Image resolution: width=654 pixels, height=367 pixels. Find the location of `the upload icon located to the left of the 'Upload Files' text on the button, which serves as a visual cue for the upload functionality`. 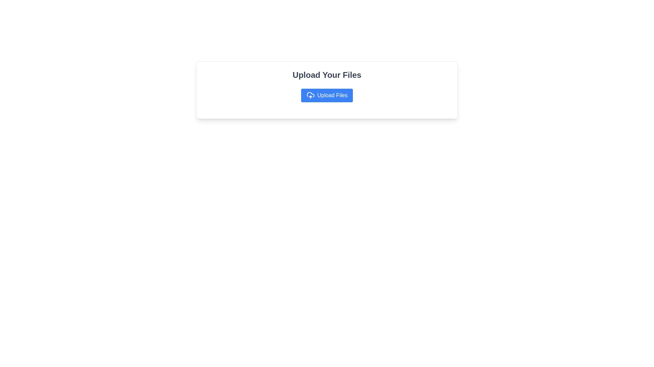

the upload icon located to the left of the 'Upload Files' text on the button, which serves as a visual cue for the upload functionality is located at coordinates (310, 95).